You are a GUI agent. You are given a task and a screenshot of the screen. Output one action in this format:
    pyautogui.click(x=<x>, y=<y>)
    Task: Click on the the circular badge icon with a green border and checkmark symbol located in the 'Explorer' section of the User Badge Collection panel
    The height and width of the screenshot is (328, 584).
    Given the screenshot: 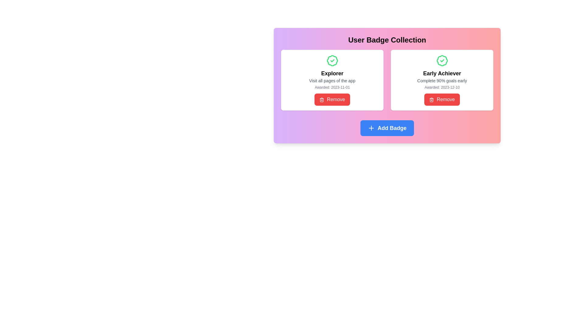 What is the action you would take?
    pyautogui.click(x=332, y=61)
    